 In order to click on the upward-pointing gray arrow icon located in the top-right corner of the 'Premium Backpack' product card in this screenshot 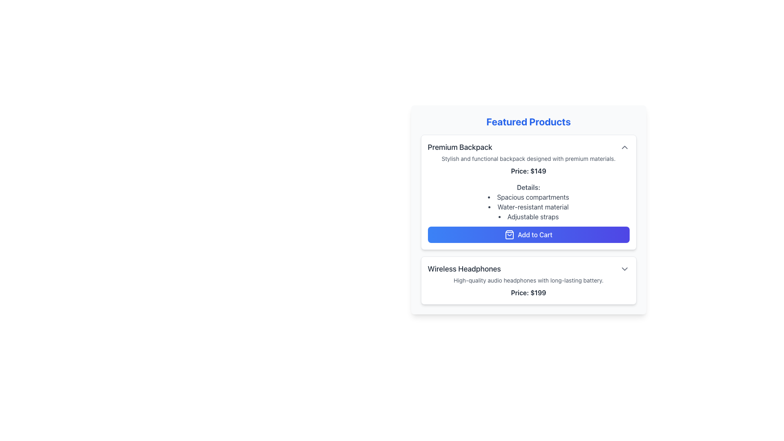, I will do `click(624, 147)`.